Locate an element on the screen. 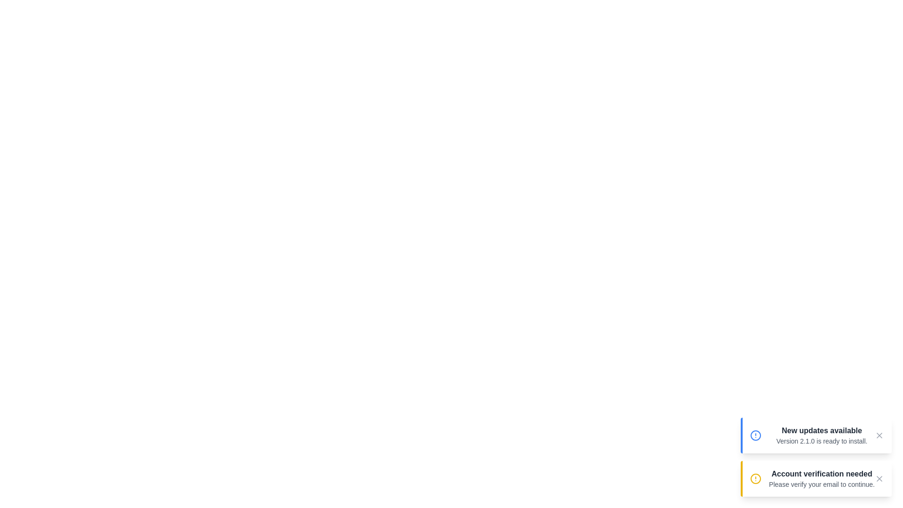 The width and height of the screenshot is (903, 508). the notification New updates available is located at coordinates (816, 435).